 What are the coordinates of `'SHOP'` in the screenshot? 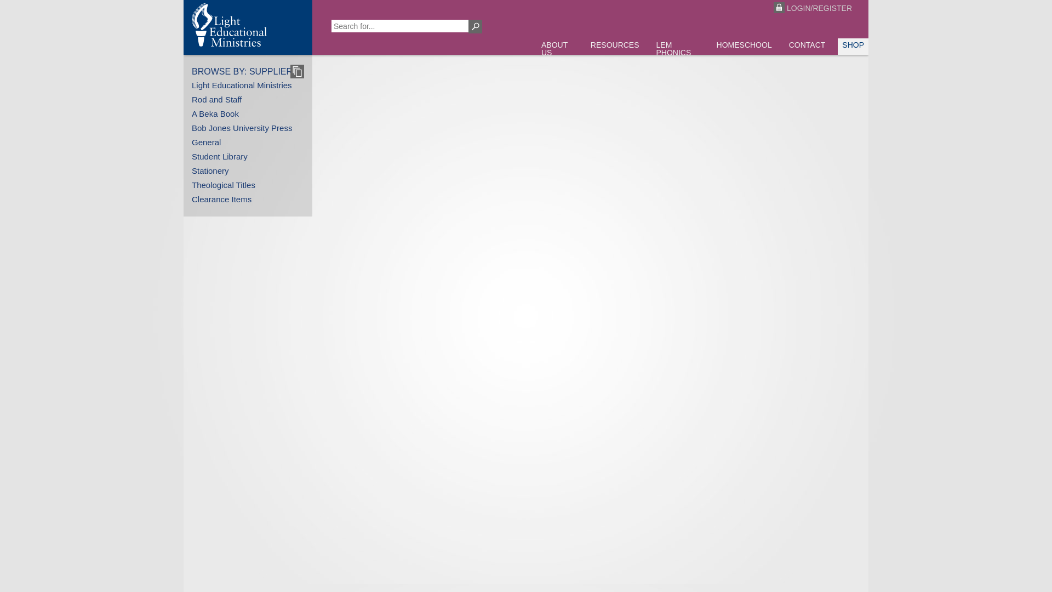 It's located at (837, 45).